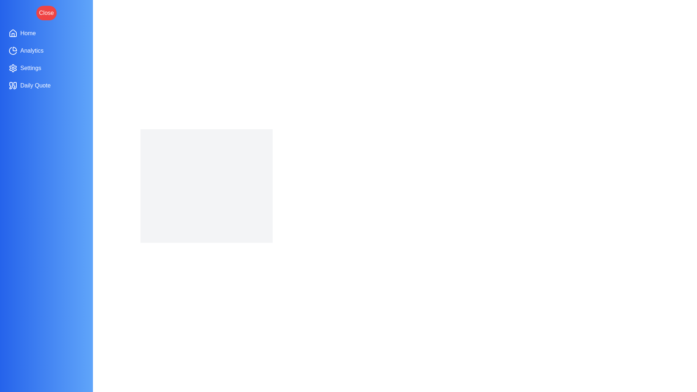  What do you see at coordinates (46, 85) in the screenshot?
I see `the menu item labeled Daily Quote` at bounding box center [46, 85].